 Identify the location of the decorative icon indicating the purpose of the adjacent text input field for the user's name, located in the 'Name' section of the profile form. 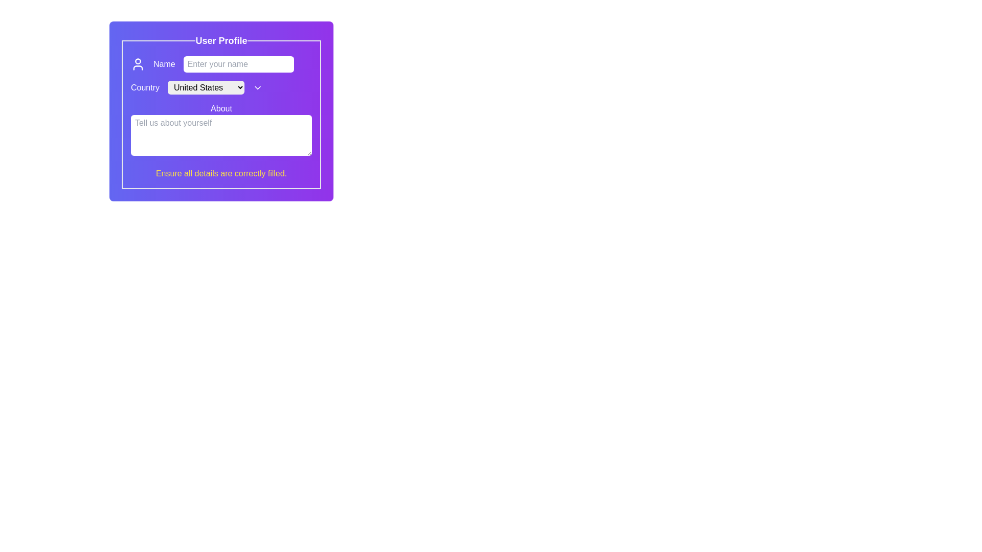
(137, 64).